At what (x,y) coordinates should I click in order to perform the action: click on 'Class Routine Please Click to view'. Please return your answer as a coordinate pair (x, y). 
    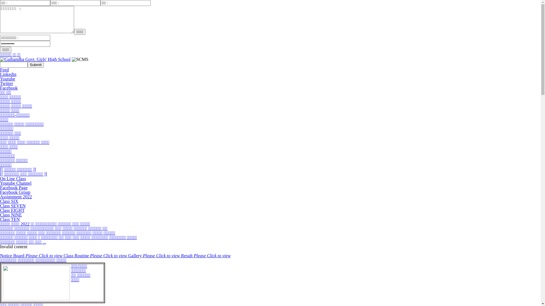
    Looking at the image, I should click on (96, 256).